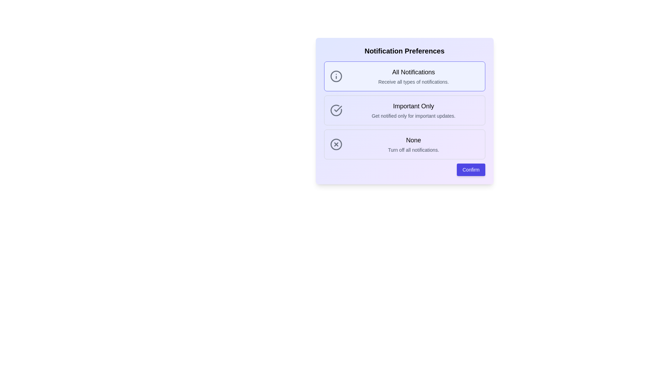  Describe the element at coordinates (413, 144) in the screenshot. I see `the 'None' selection option in the 'Notification Preferences' panel` at that location.